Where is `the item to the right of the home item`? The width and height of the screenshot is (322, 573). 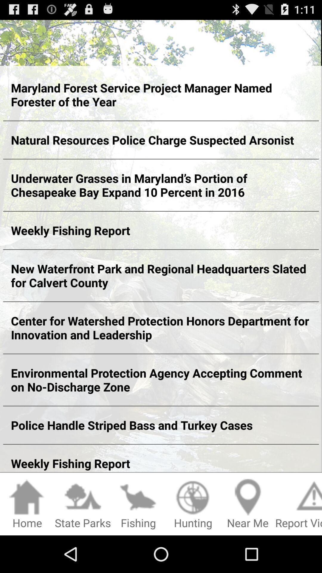
the item to the right of the home item is located at coordinates (83, 504).